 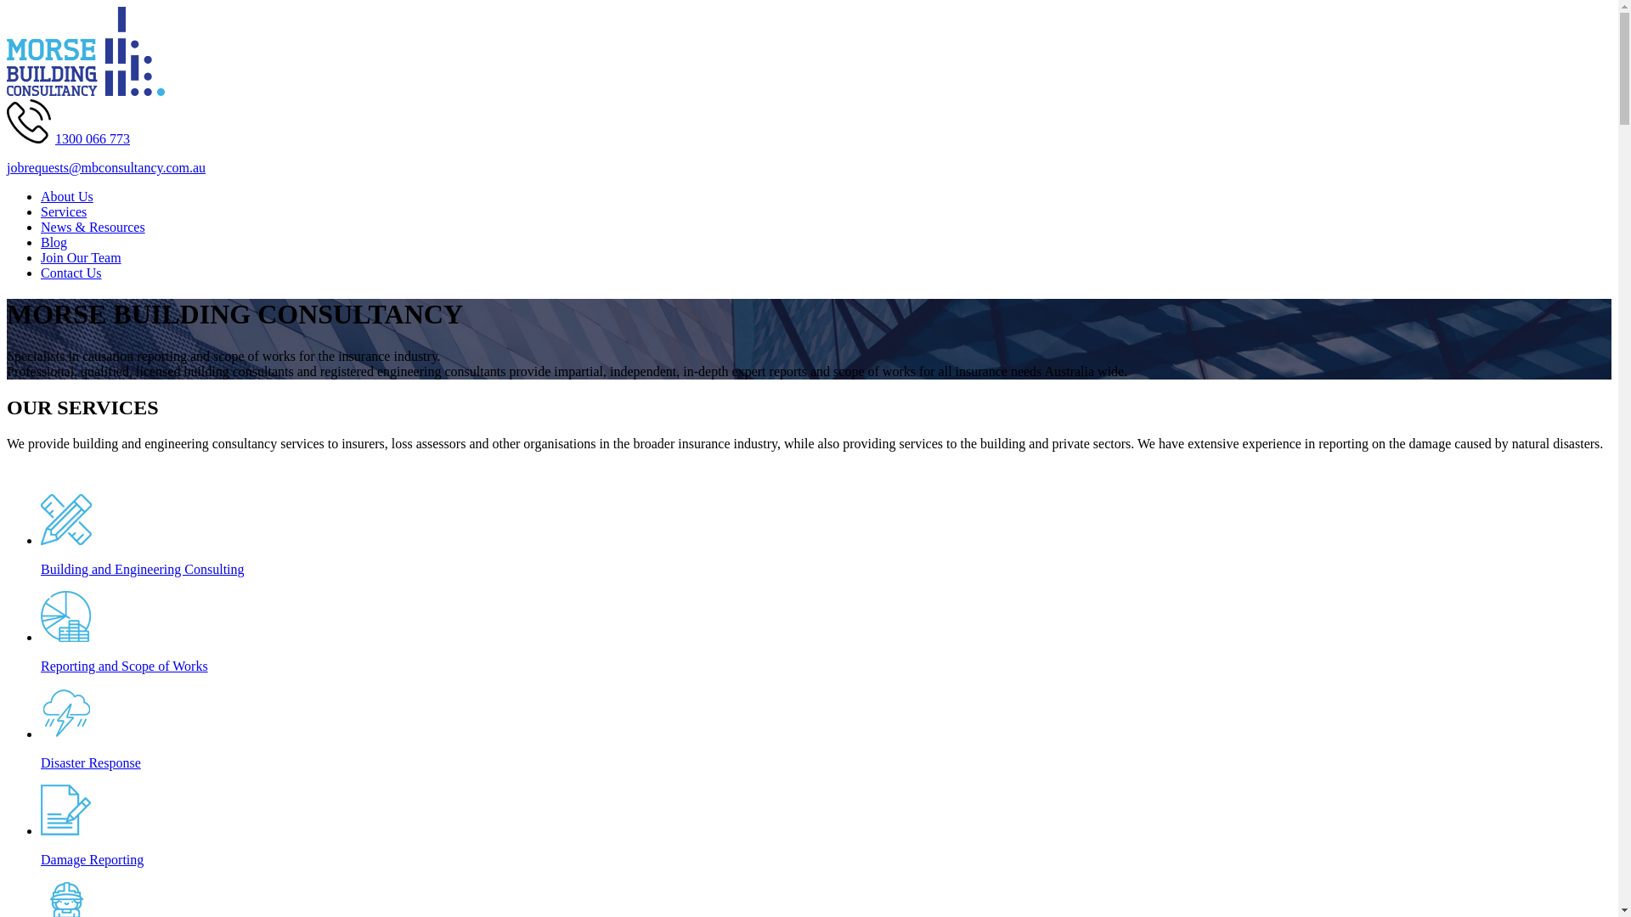 What do you see at coordinates (80, 257) in the screenshot?
I see `'Join Our Team'` at bounding box center [80, 257].